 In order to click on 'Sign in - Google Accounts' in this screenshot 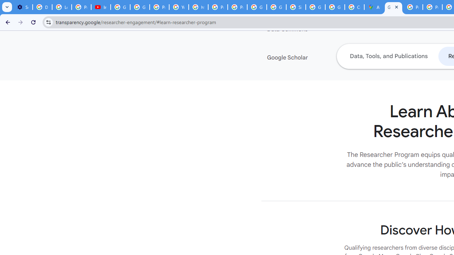, I will do `click(295, 7)`.